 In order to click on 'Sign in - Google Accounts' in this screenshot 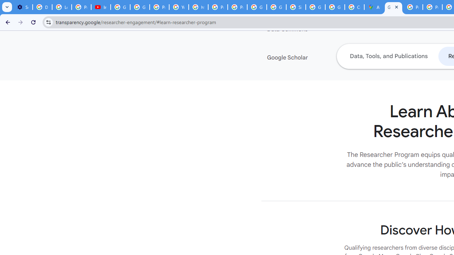, I will do `click(295, 7)`.